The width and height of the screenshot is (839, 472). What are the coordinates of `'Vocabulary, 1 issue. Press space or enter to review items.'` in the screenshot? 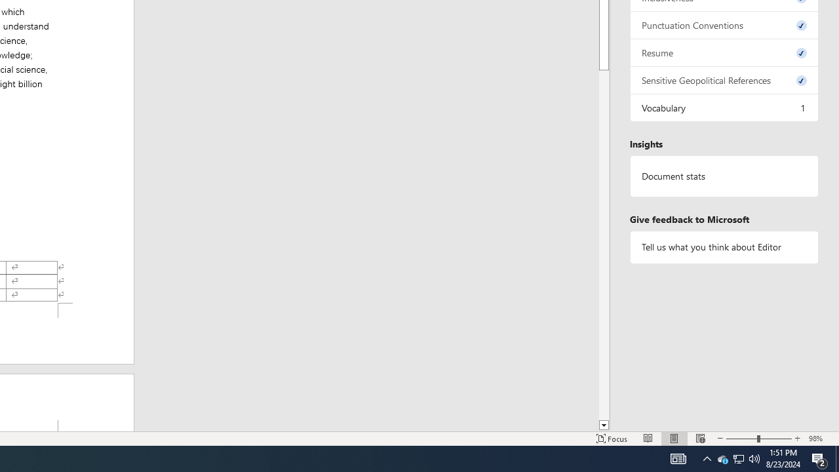 It's located at (724, 107).